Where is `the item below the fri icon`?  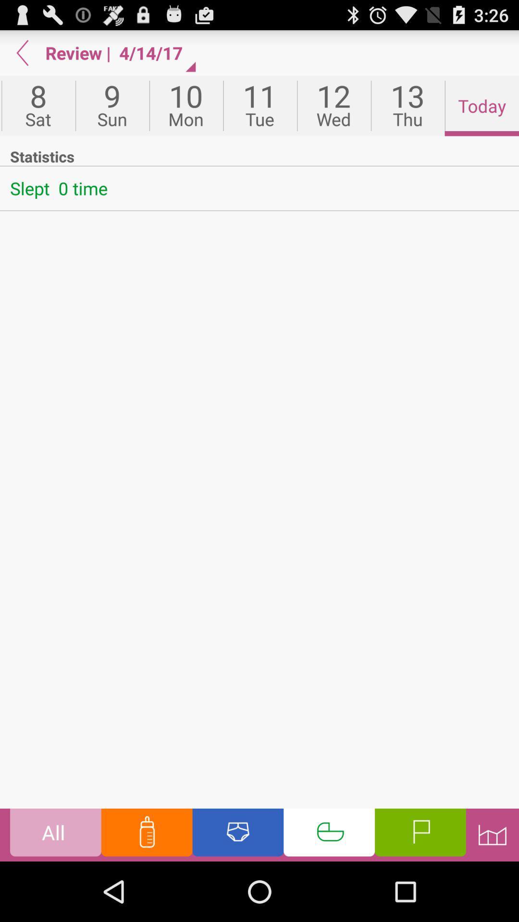 the item below the fri icon is located at coordinates (259, 156).